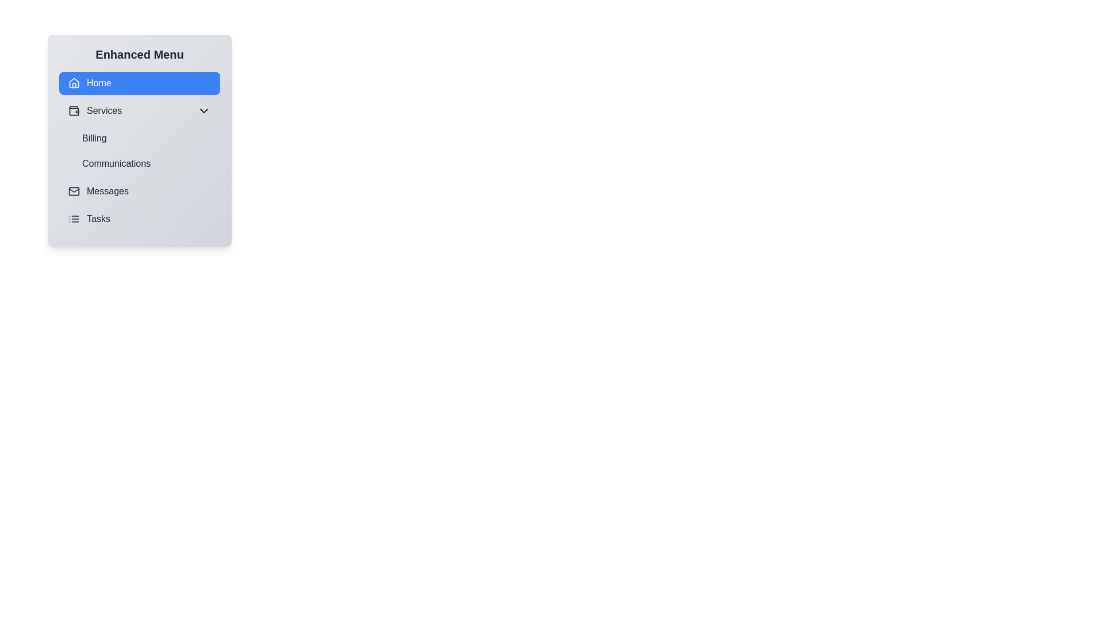  What do you see at coordinates (139, 190) in the screenshot?
I see `the 'Messages' menu item, which is the fifth item in the vertical menu list` at bounding box center [139, 190].